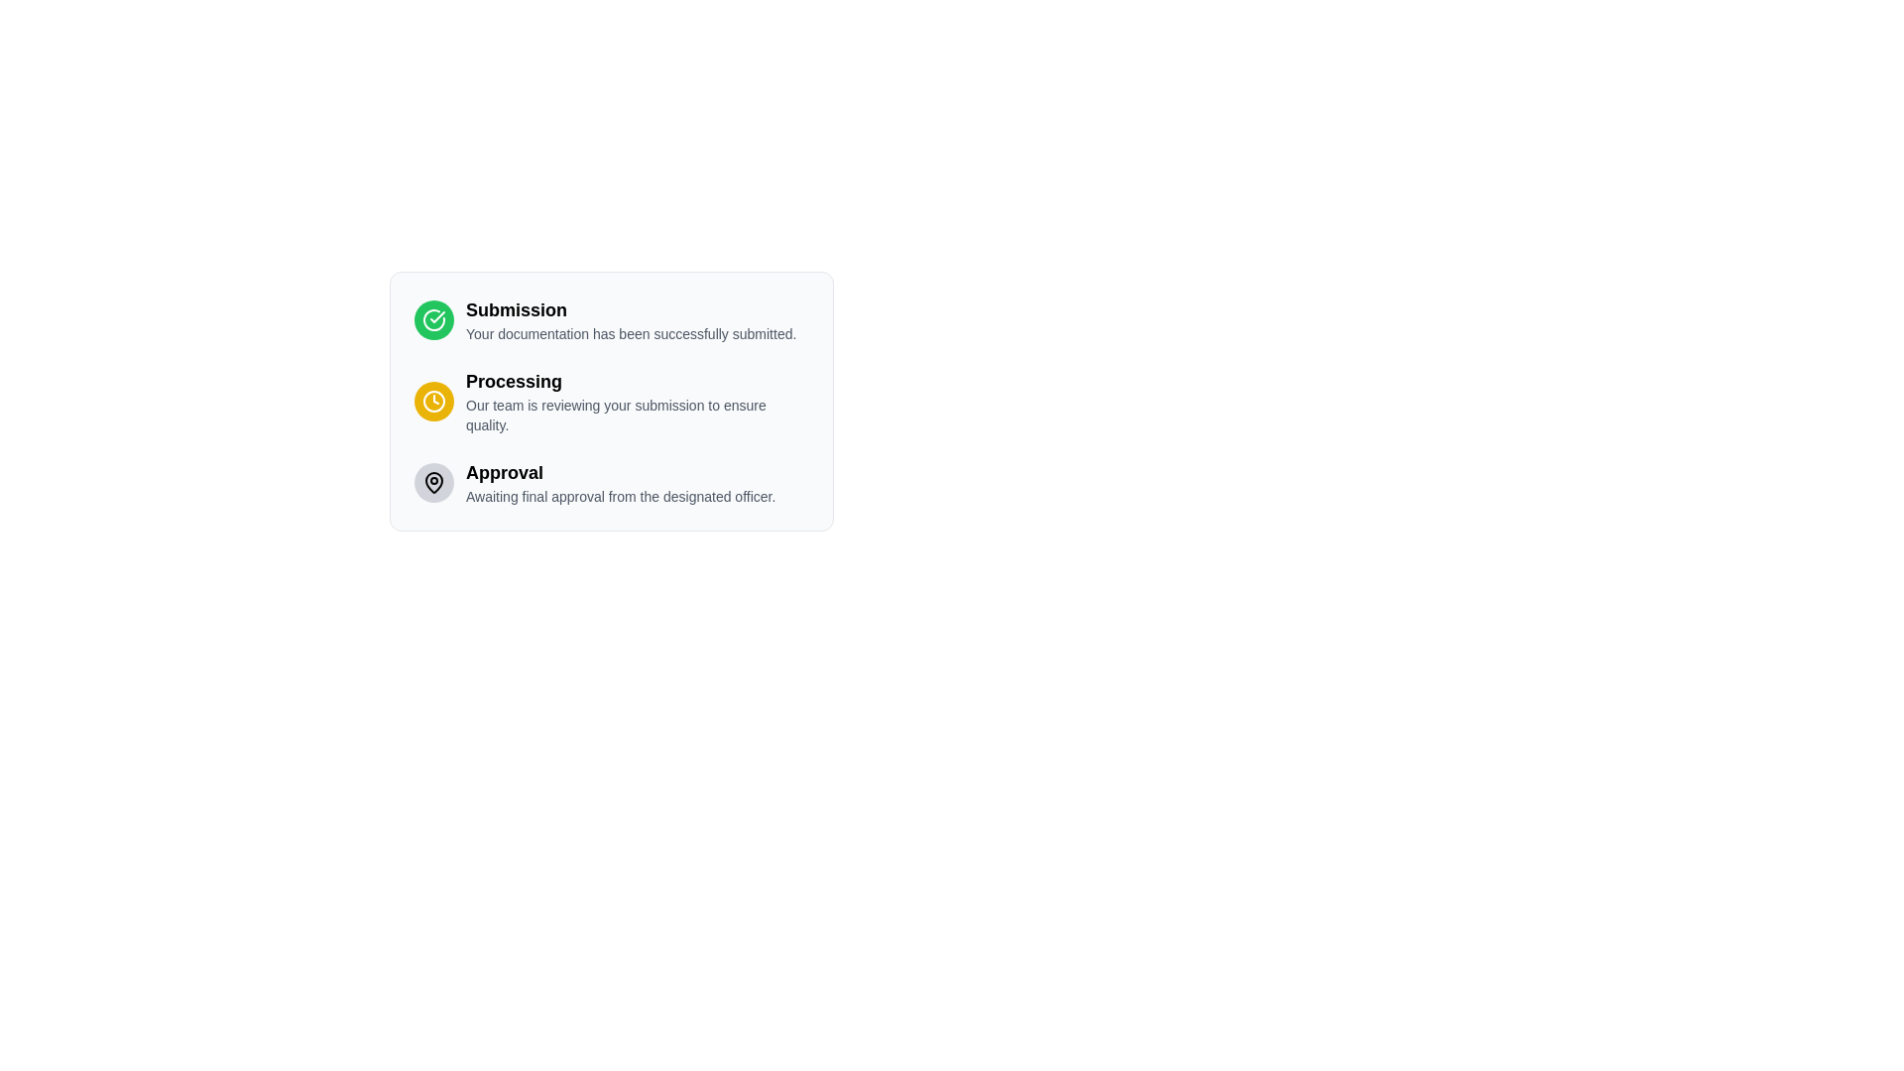 This screenshot has height=1071, width=1904. Describe the element at coordinates (620, 496) in the screenshot. I see `text label that states 'Awaiting final approval from the designated officer.' which is styled with a small-sized font and gray coloring, located below the title 'Approval'` at that location.